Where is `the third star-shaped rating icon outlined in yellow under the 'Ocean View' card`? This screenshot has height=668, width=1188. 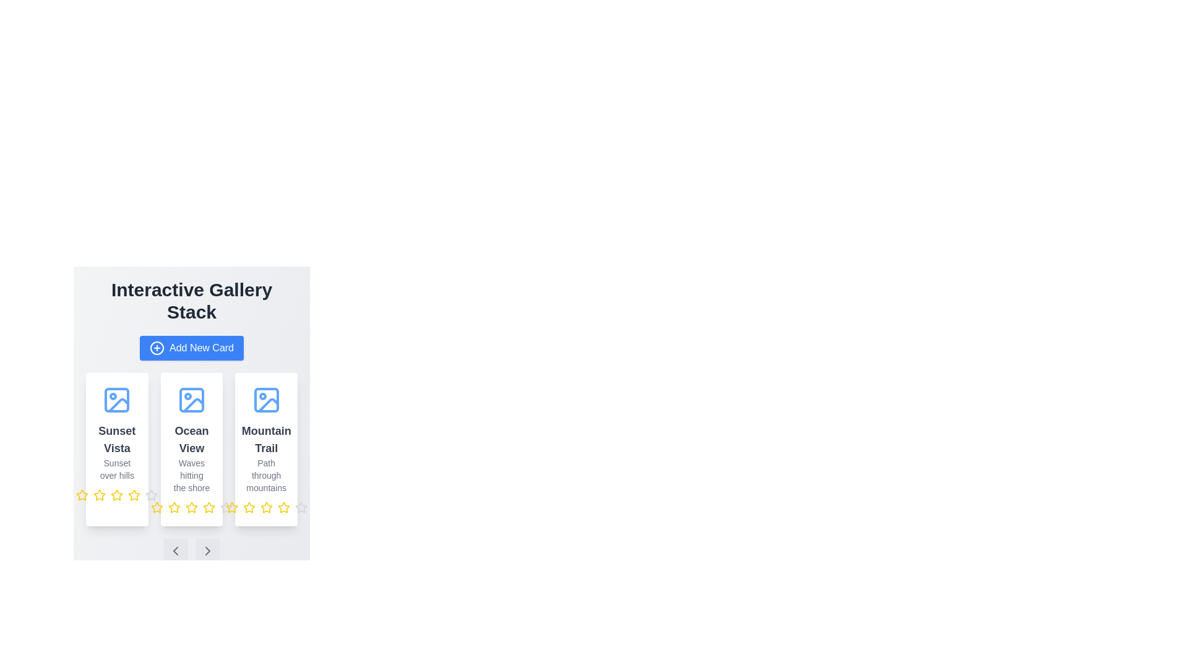
the third star-shaped rating icon outlined in yellow under the 'Ocean View' card is located at coordinates (157, 507).